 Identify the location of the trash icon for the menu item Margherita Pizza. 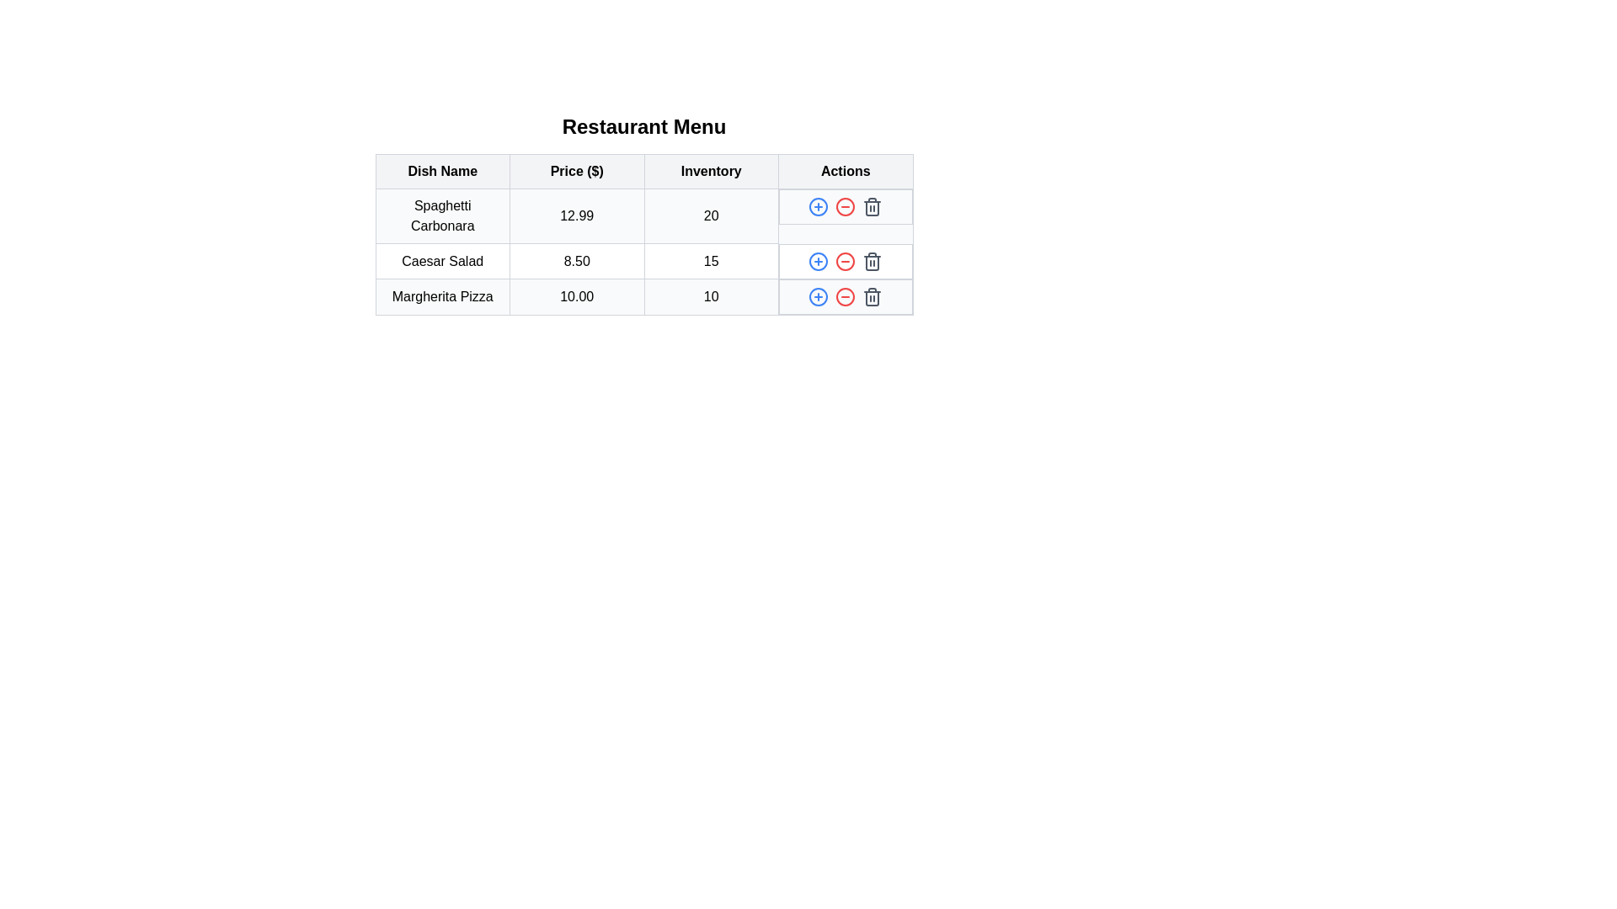
(873, 295).